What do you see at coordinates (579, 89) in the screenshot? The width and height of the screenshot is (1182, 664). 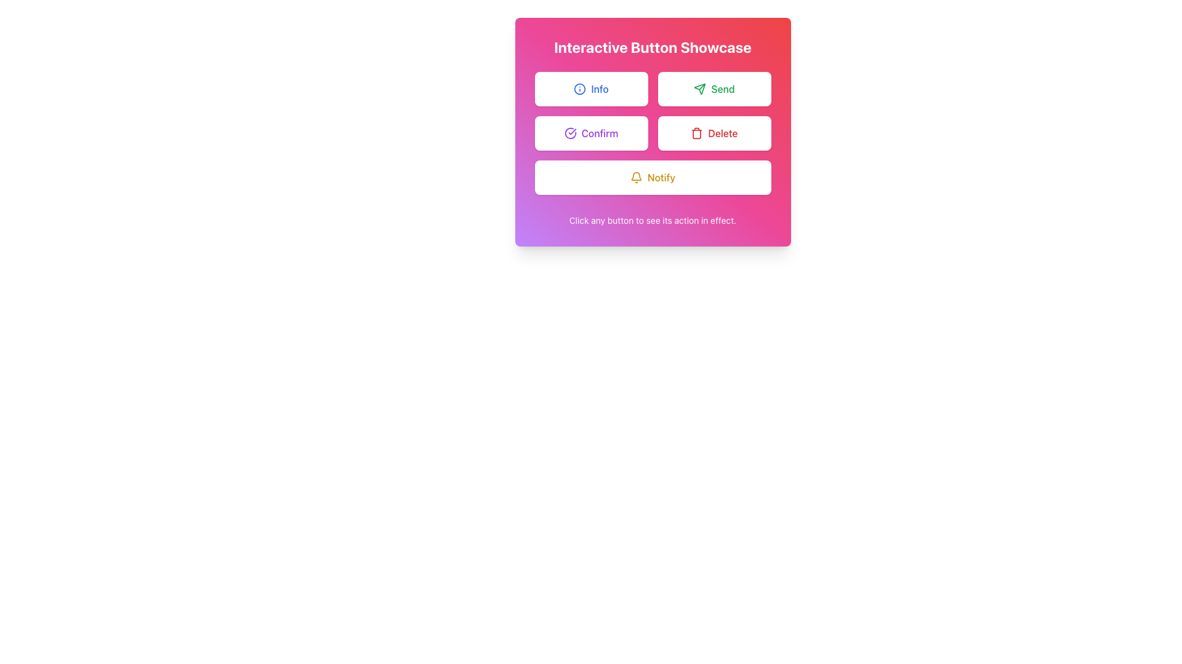 I see `the circular 'Info' icon, which is blue with a white interior and a blue border, located on the upper-left button labeled 'Info' in the grid layout of buttons within a card` at bounding box center [579, 89].